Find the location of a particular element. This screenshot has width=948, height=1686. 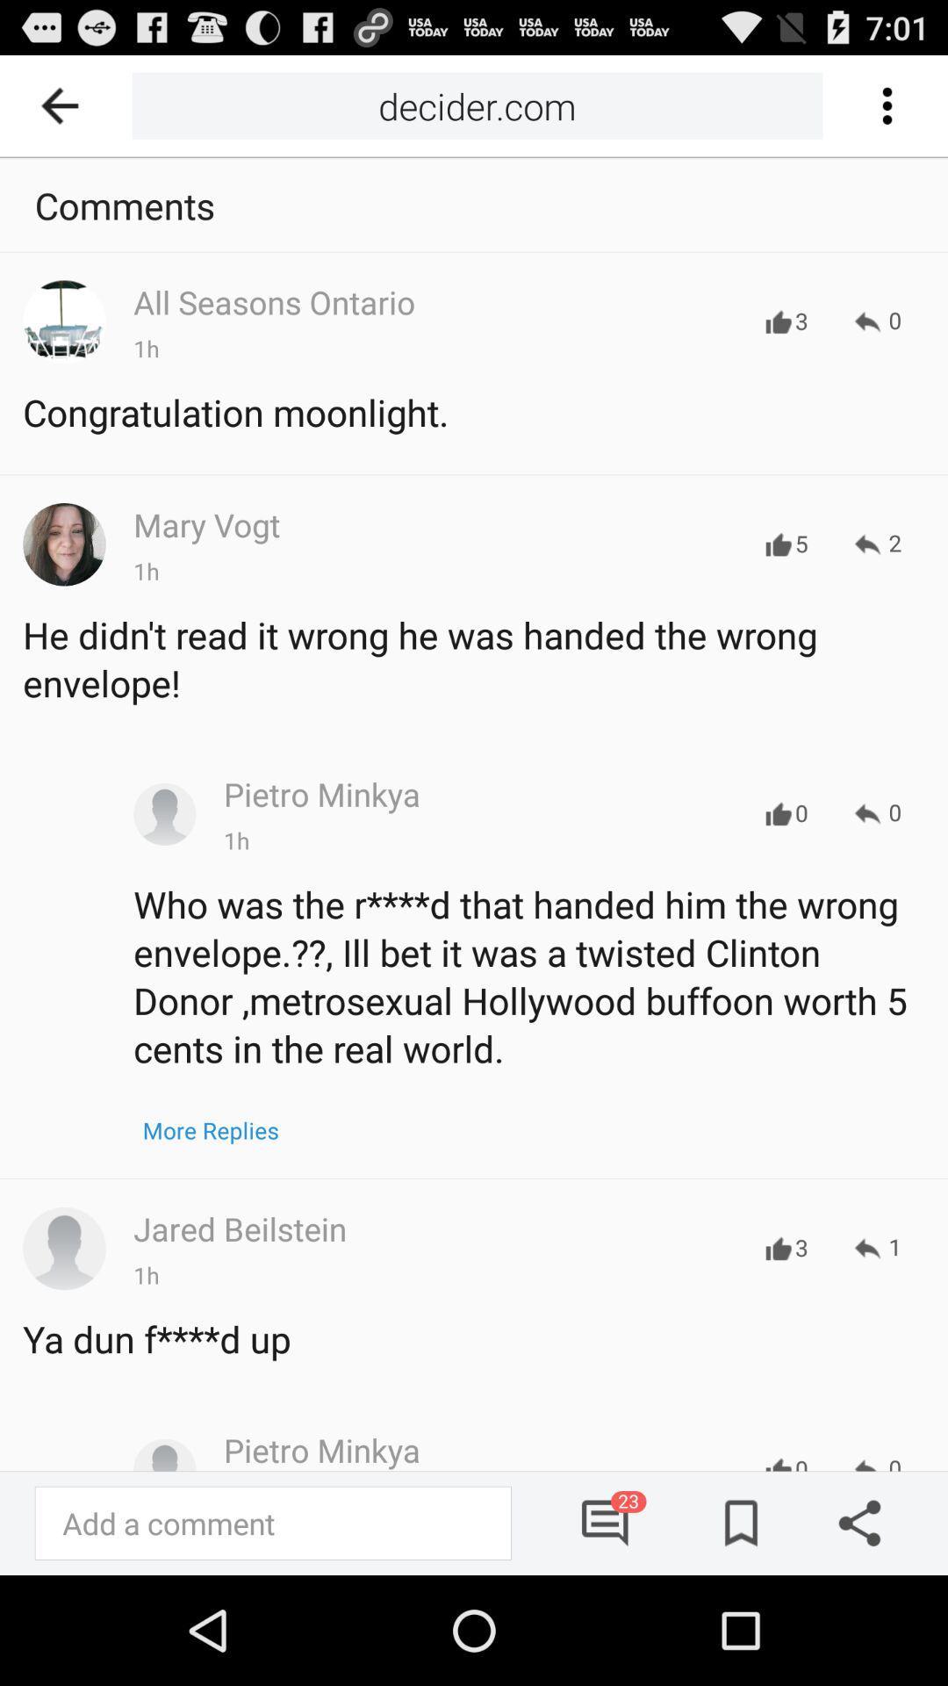

item below ya dun f icon is located at coordinates (606, 1522).